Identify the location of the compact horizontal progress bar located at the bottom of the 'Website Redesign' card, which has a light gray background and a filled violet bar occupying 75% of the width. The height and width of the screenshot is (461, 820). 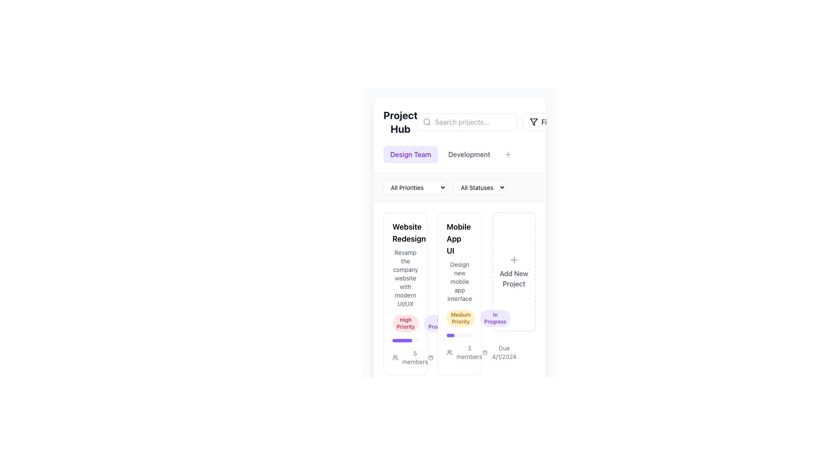
(405, 340).